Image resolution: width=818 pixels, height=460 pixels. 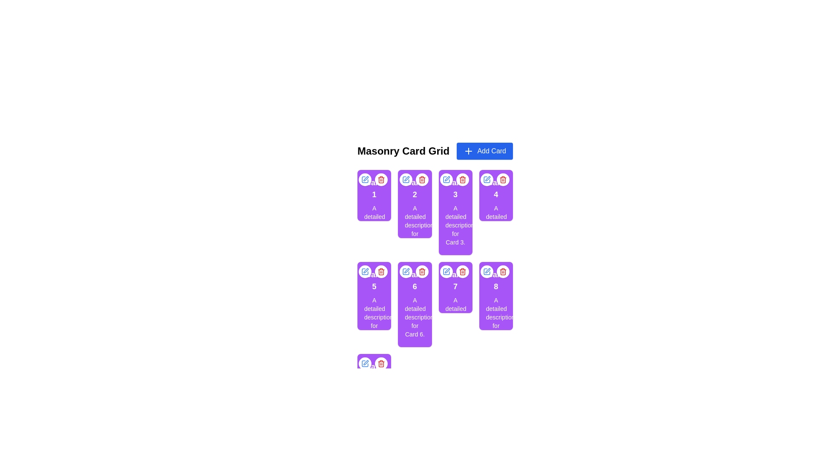 I want to click on text content of the text label 'Card 6', which is styled with a larger font size and bold weight, located at the upper part of the card with a purple background, so click(x=415, y=281).